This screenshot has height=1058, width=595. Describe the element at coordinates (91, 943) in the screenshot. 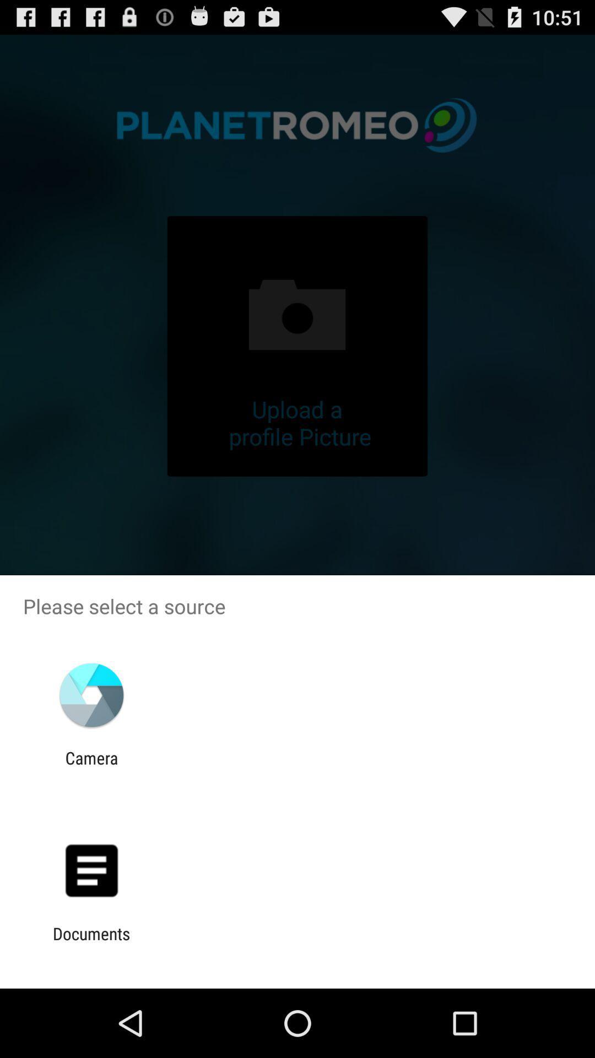

I see `documents item` at that location.